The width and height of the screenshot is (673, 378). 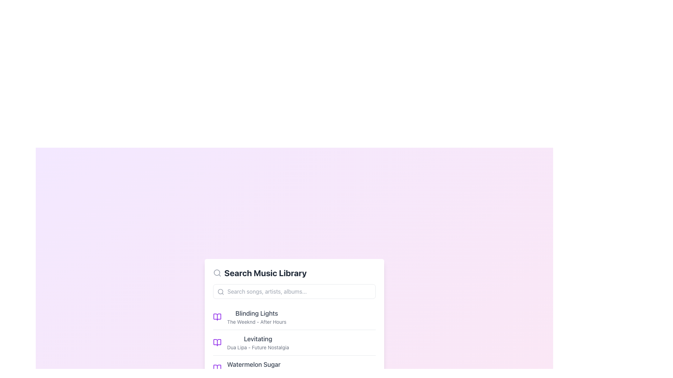 I want to click on the informative label that provides the artist's name and album associated with the song 'Blinding Lights', located below the song title in the music library list, so click(x=256, y=322).